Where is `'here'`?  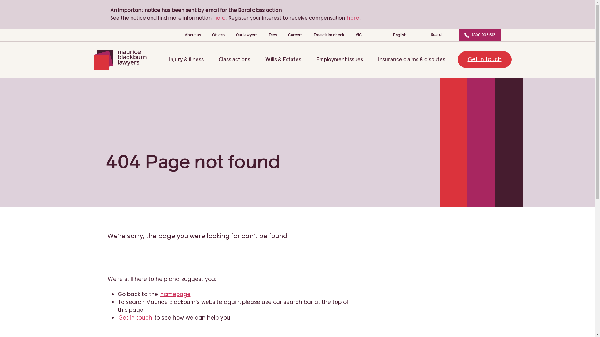 'here' is located at coordinates (212, 17).